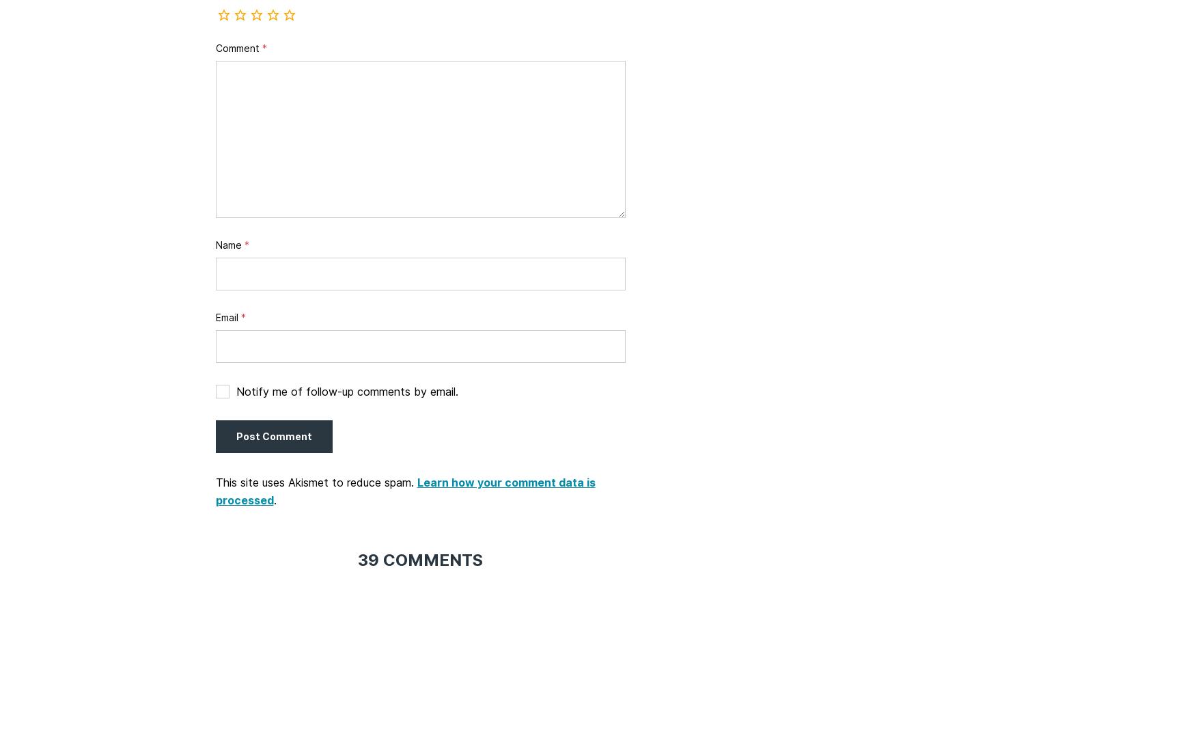  I want to click on '39 Comments', so click(419, 559).